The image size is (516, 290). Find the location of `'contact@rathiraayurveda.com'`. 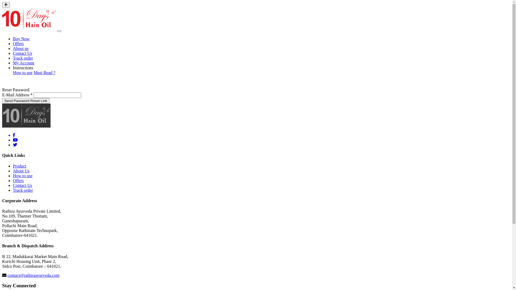

'contact@rathiraayurveda.com' is located at coordinates (33, 275).